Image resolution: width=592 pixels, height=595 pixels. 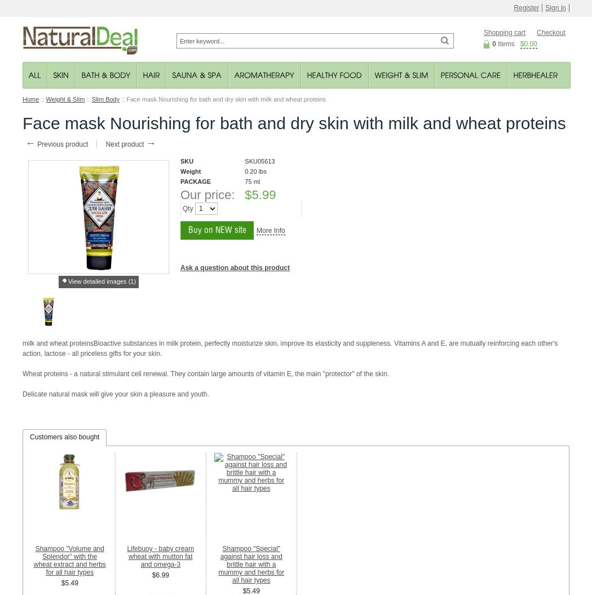 I want to click on 'More Info', so click(x=270, y=231).